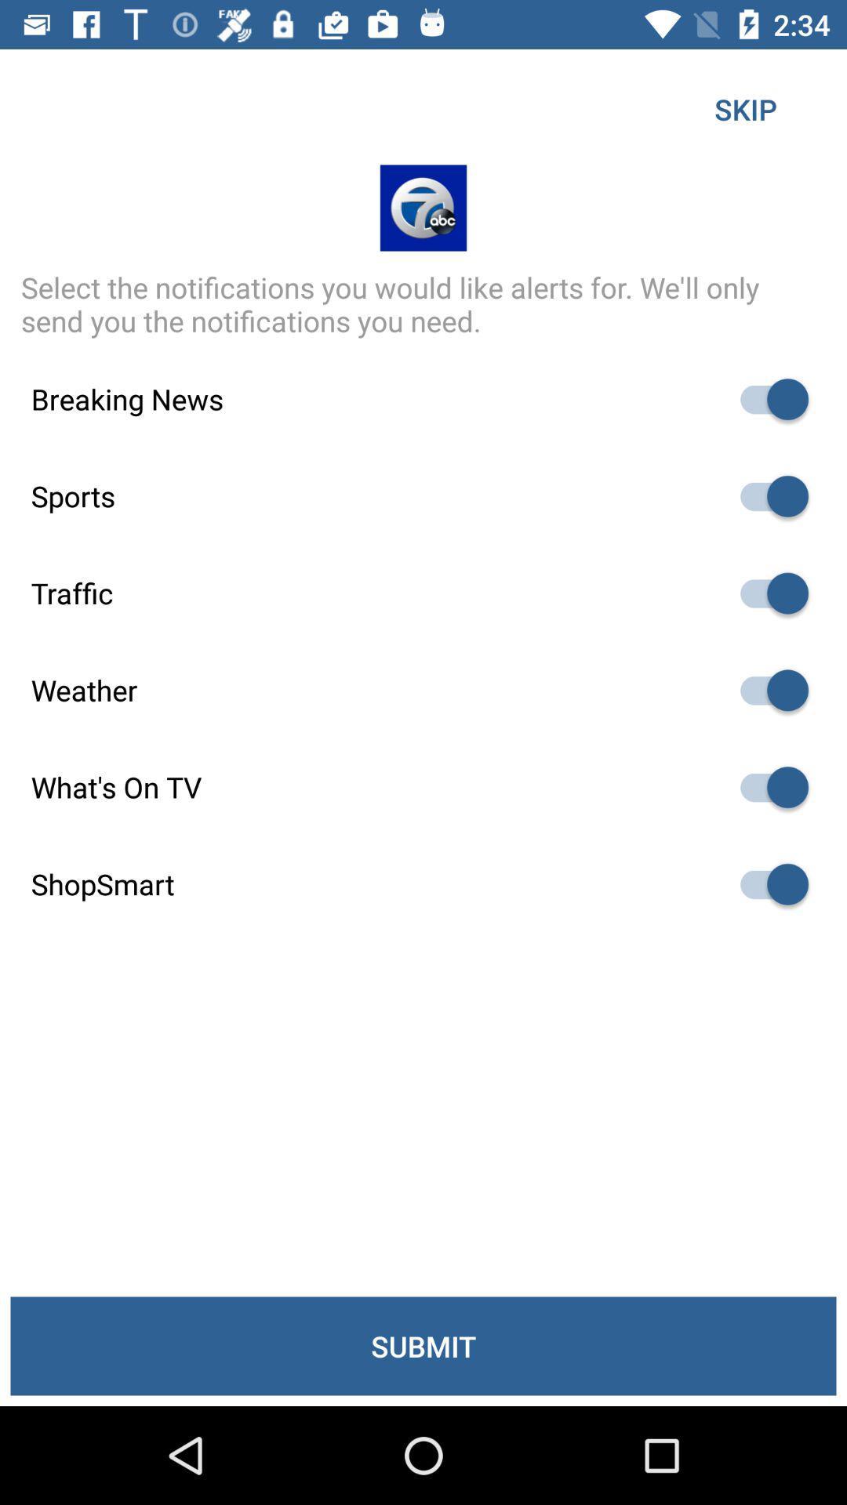 This screenshot has height=1505, width=847. Describe the element at coordinates (766, 787) in the screenshot. I see `switch auto play option` at that location.